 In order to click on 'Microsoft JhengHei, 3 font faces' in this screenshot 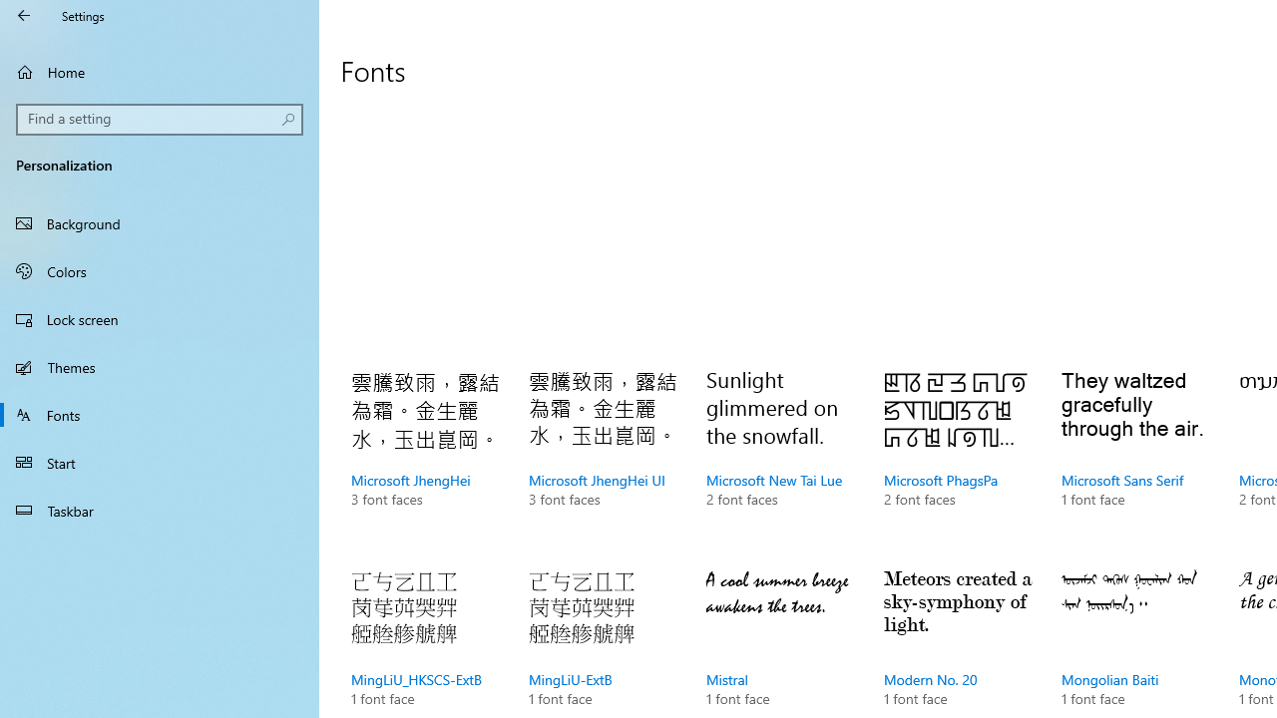, I will do `click(424, 459)`.